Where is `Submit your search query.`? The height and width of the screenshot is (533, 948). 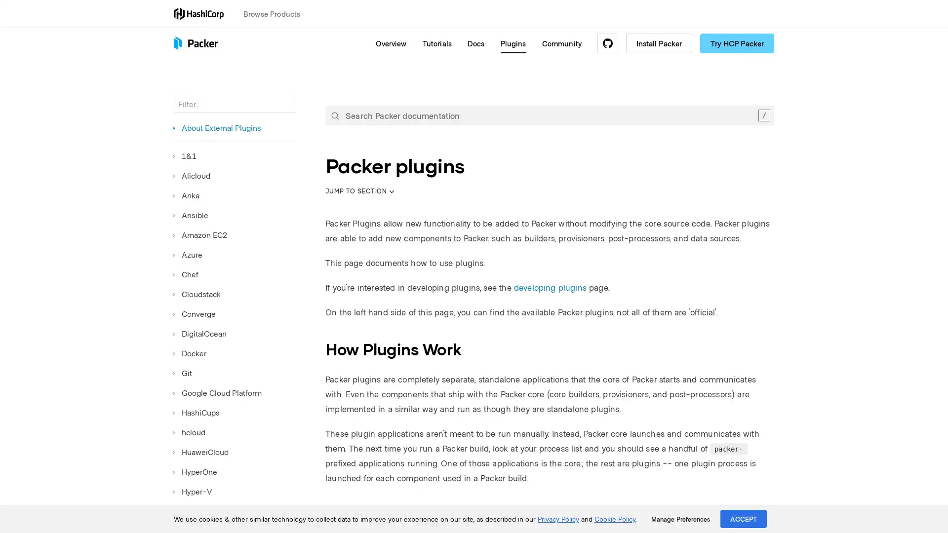
Submit your search query. is located at coordinates (335, 115).